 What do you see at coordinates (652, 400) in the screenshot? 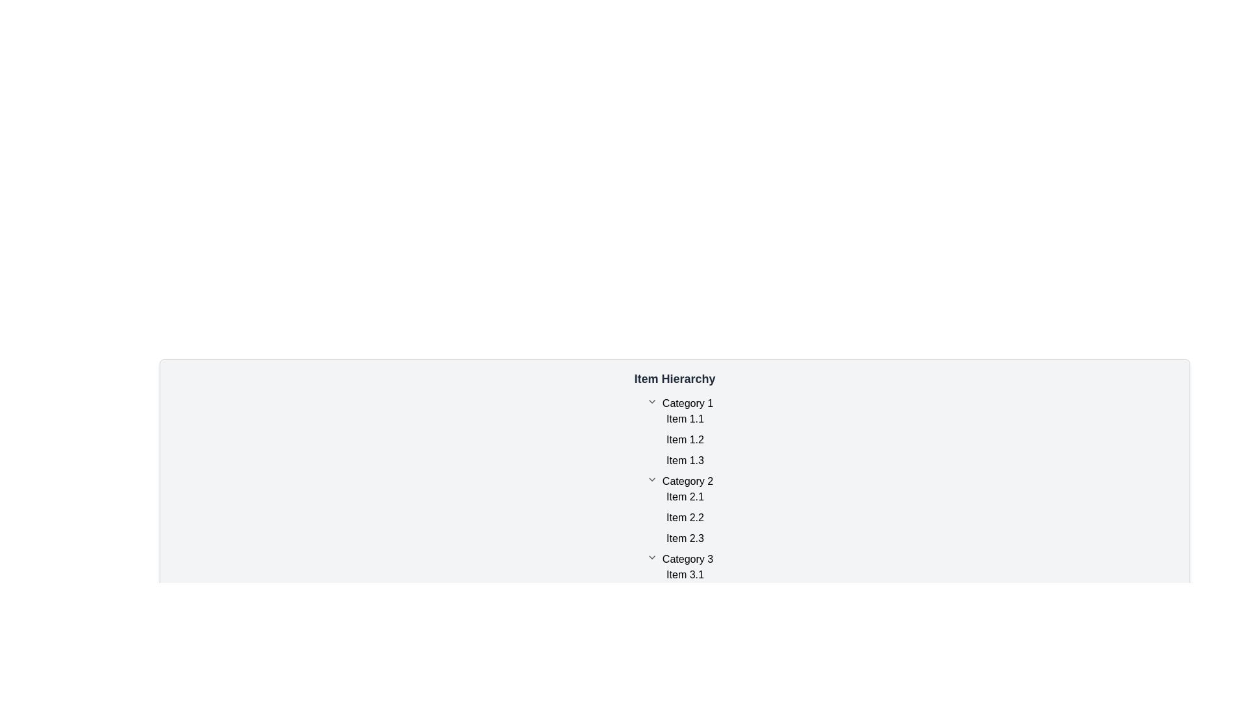
I see `the downward-pointing gray chevron icon` at bounding box center [652, 400].